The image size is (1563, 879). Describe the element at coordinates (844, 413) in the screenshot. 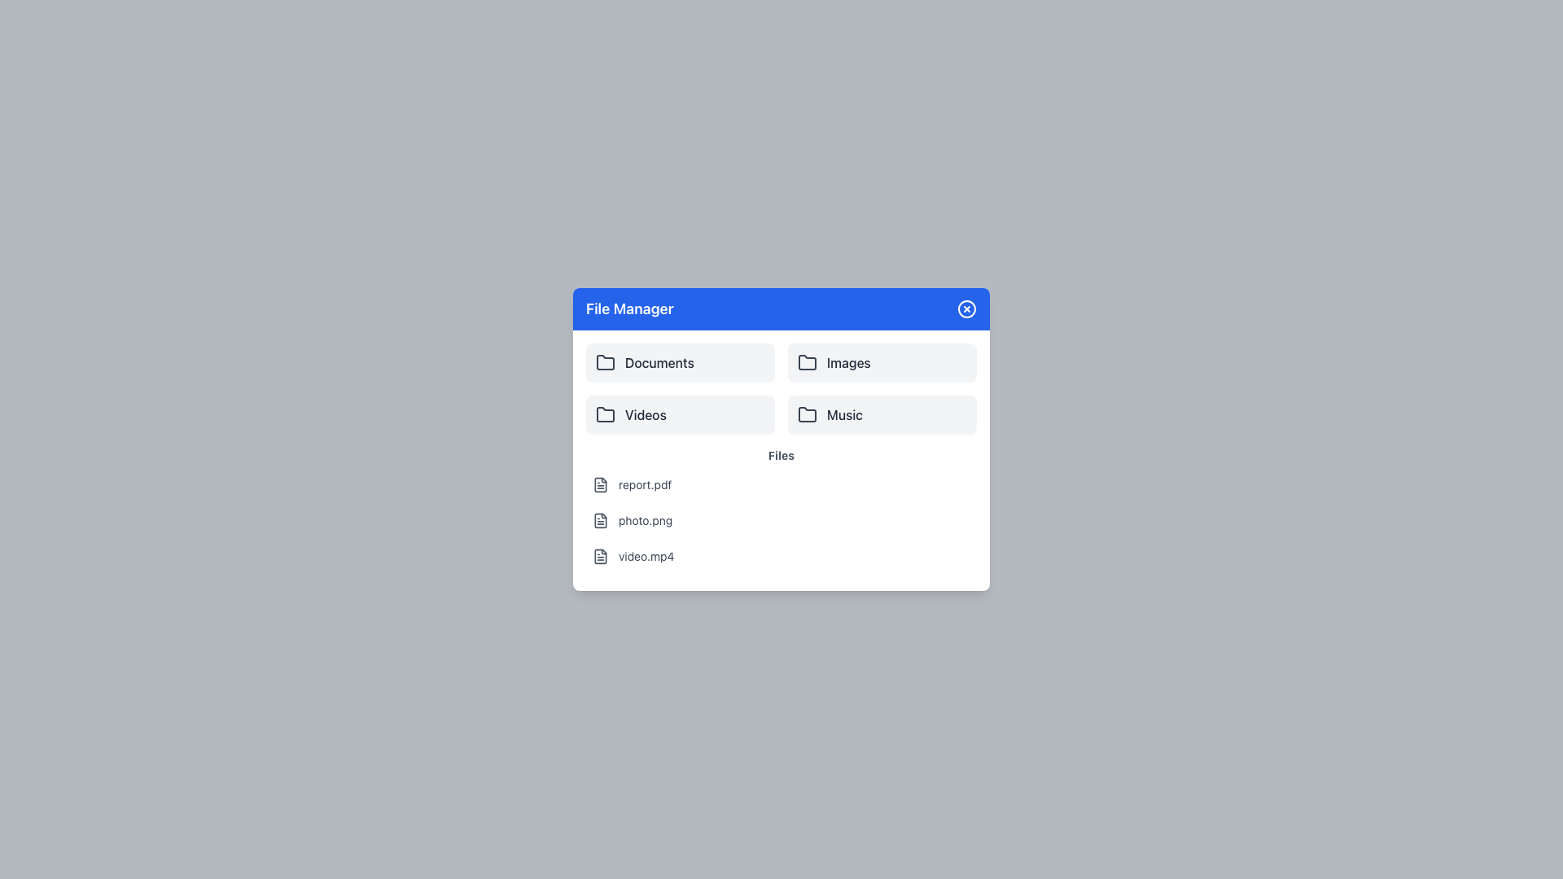

I see `label displaying the text 'Music', which is located to the right of a folder icon in a labeled button representing a folder` at that location.